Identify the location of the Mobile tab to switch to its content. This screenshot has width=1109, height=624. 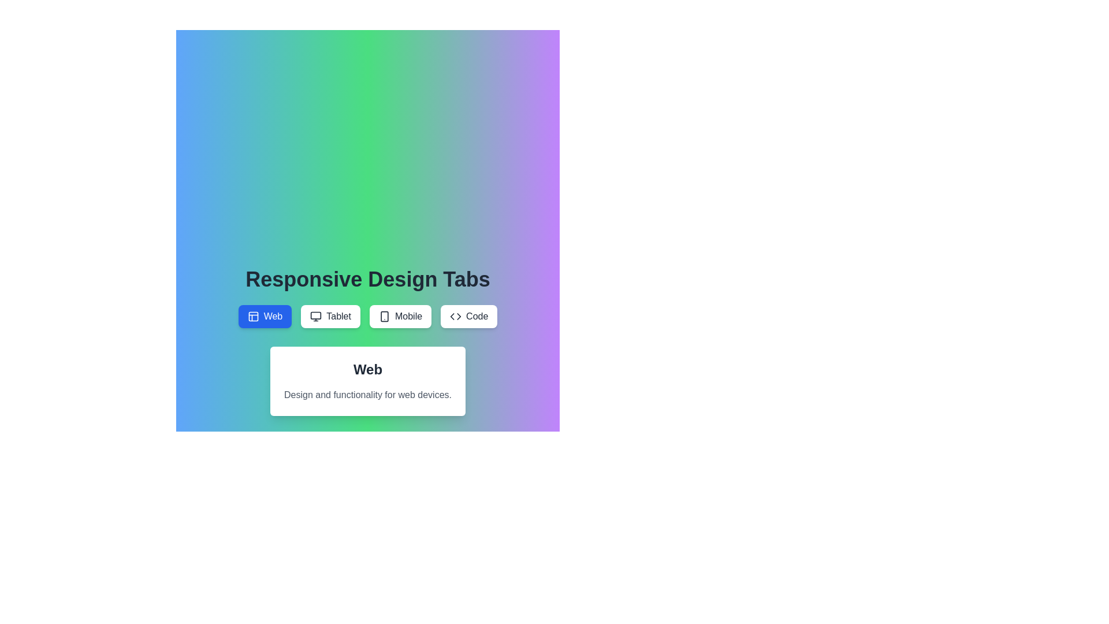
(400, 316).